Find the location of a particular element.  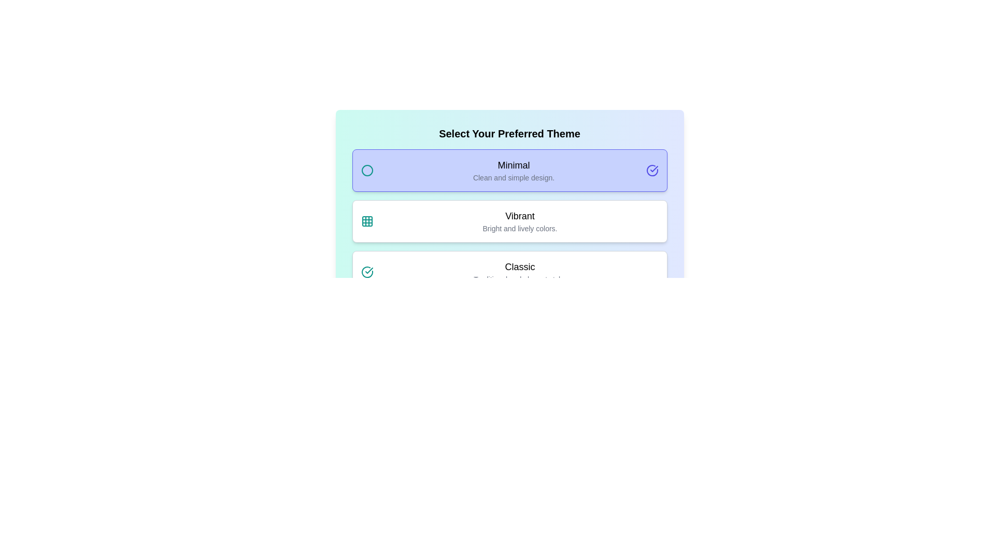

'Vibrant' theme label, which serves as a title for the theme selection option located centrally within the theme selection card is located at coordinates (520, 215).